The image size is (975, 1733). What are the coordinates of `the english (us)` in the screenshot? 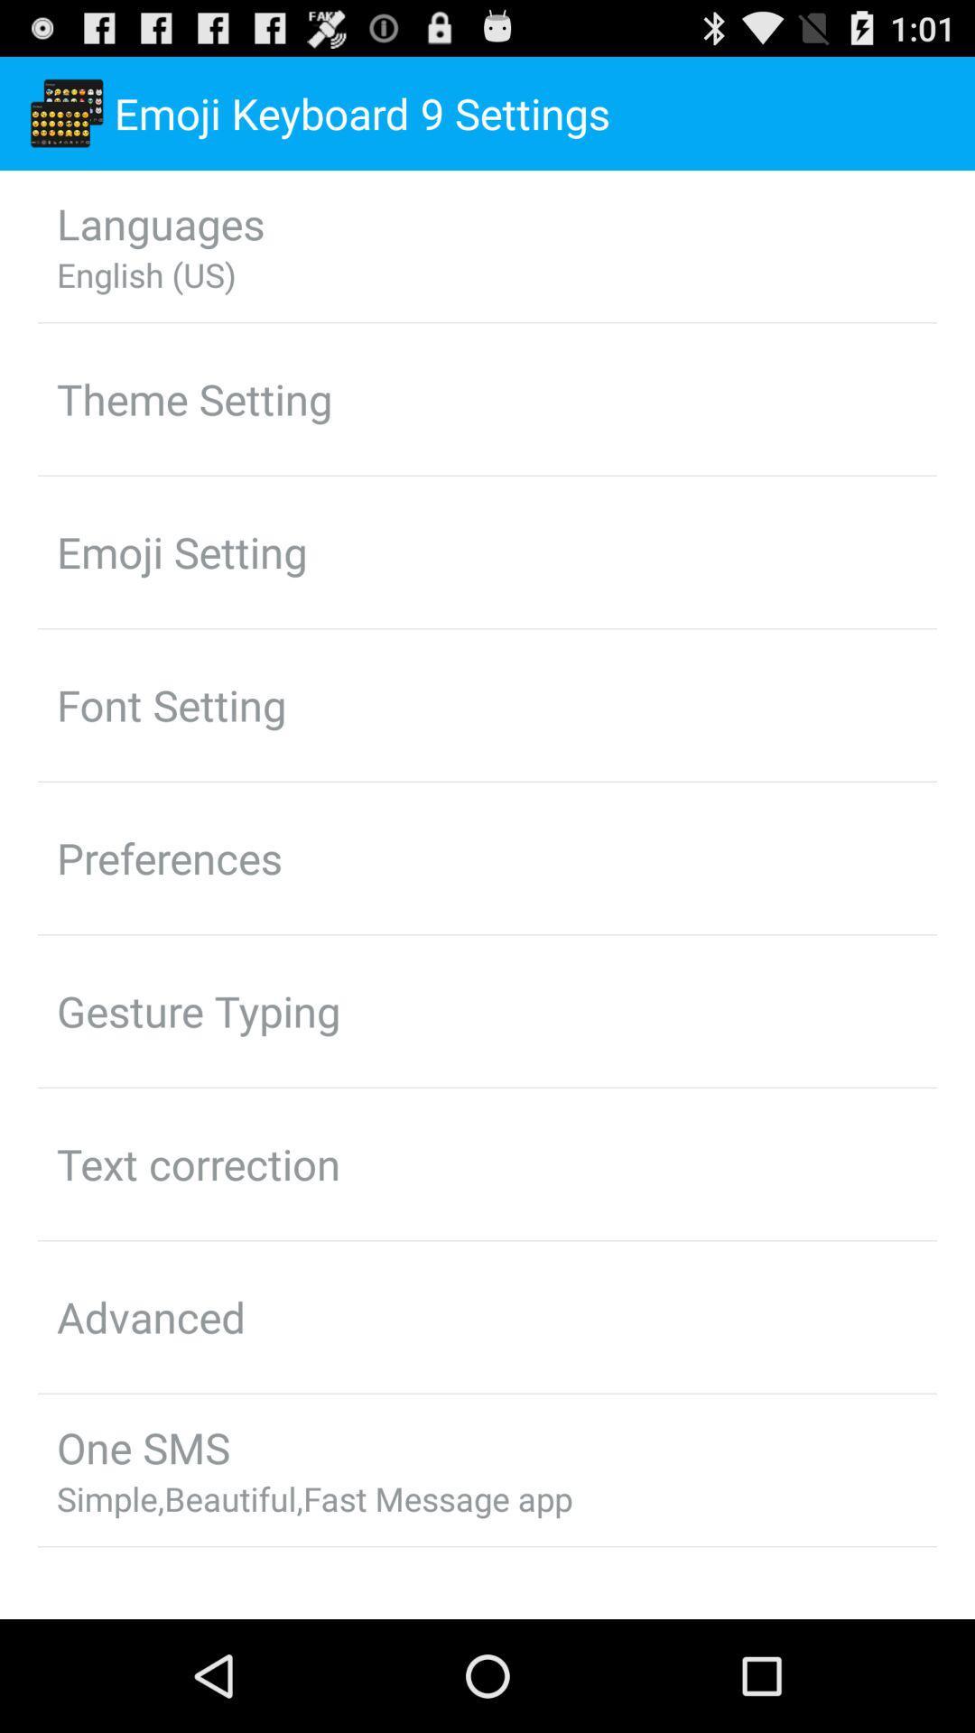 It's located at (145, 273).